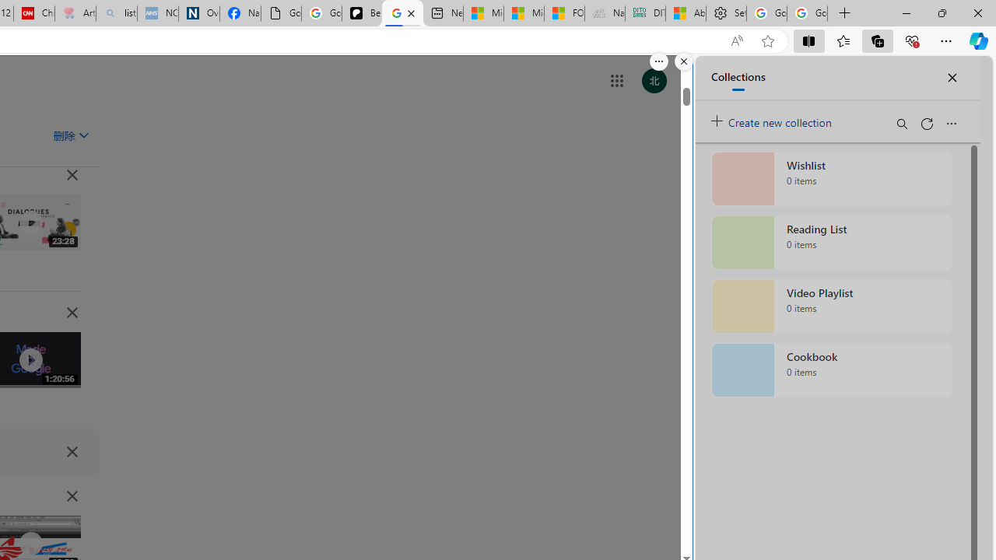 This screenshot has height=560, width=996. I want to click on 'Class: asE2Ub NMm5M', so click(82, 134).